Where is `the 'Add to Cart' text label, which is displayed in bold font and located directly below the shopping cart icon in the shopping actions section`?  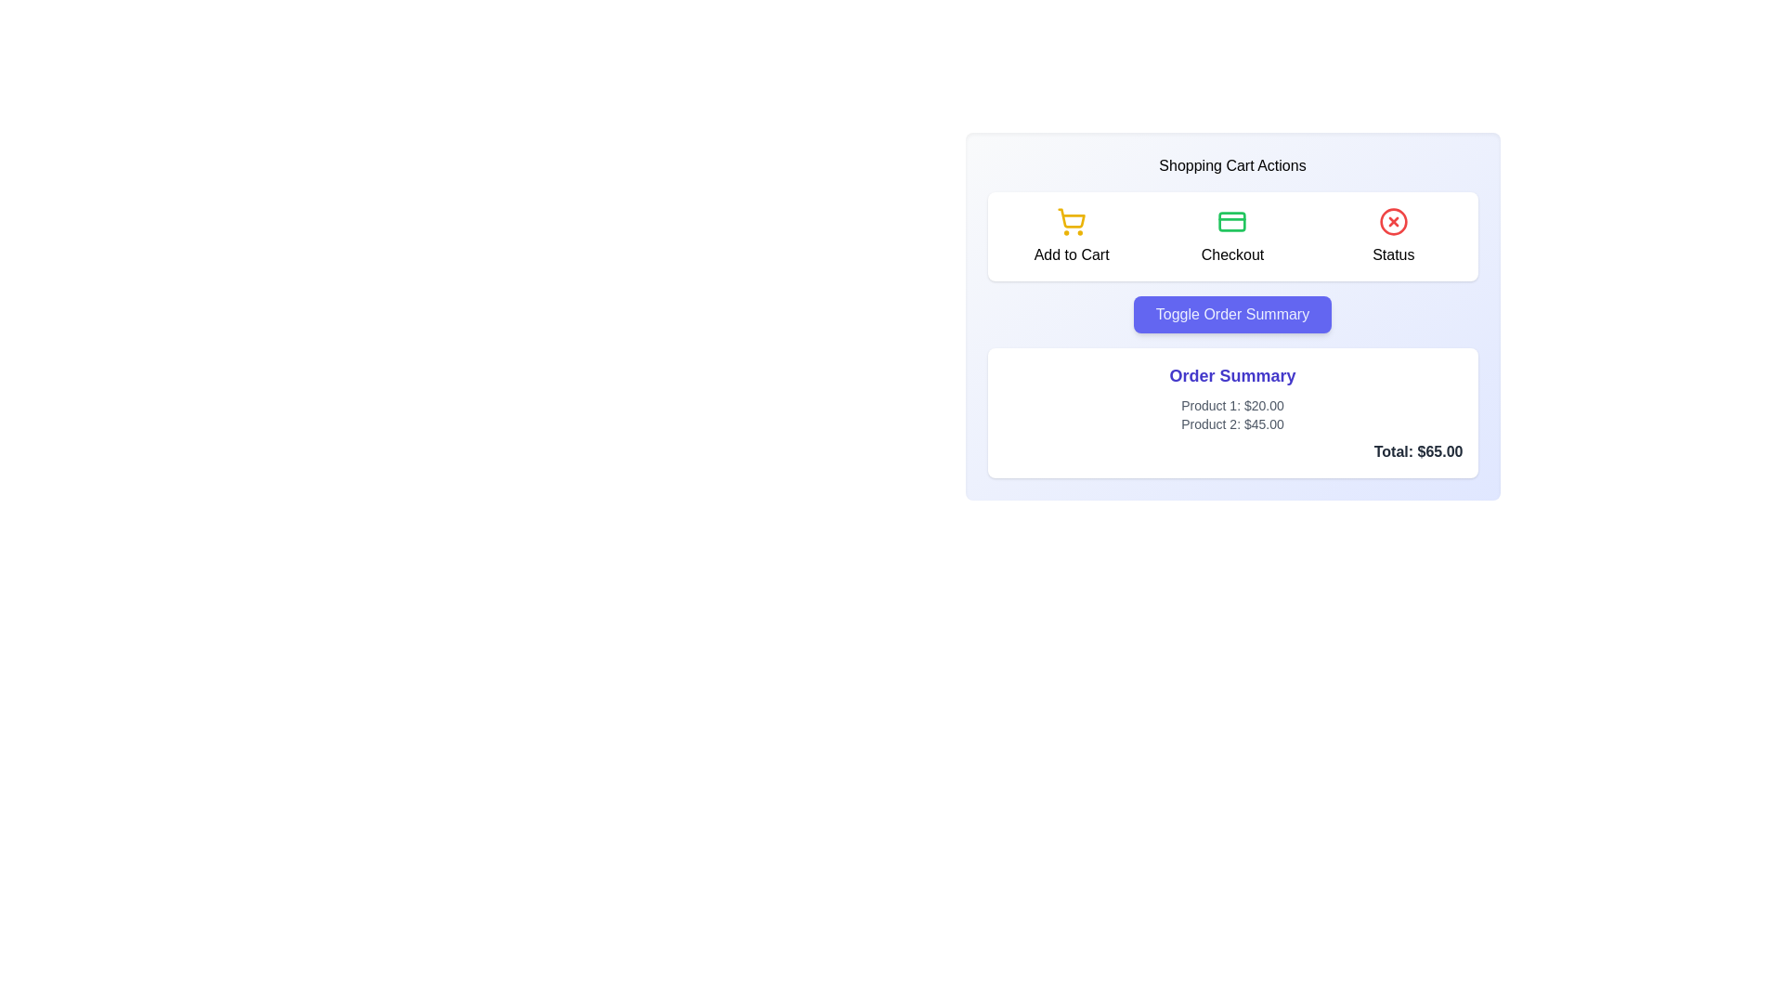 the 'Add to Cart' text label, which is displayed in bold font and located directly below the shopping cart icon in the shopping actions section is located at coordinates (1072, 254).